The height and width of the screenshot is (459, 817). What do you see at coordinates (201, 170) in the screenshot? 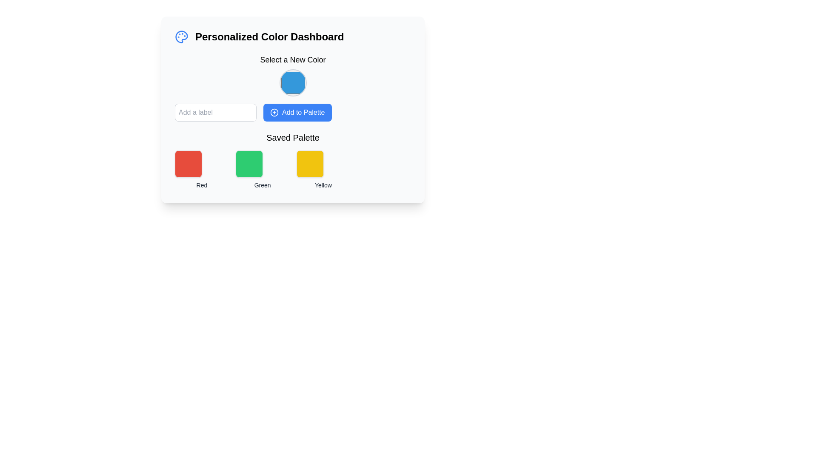
I see `the first Color Indicator Card` at bounding box center [201, 170].